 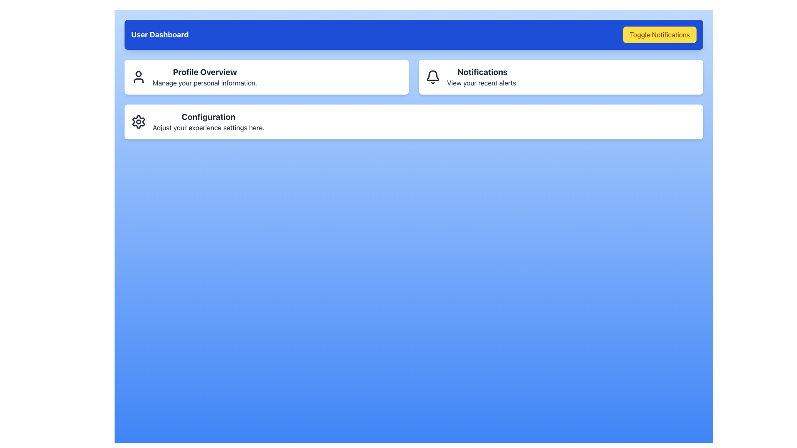 What do you see at coordinates (205, 83) in the screenshot?
I see `the text label displaying 'Manage your personal information.' which is located directly below the 'Profile Overview' title` at bounding box center [205, 83].